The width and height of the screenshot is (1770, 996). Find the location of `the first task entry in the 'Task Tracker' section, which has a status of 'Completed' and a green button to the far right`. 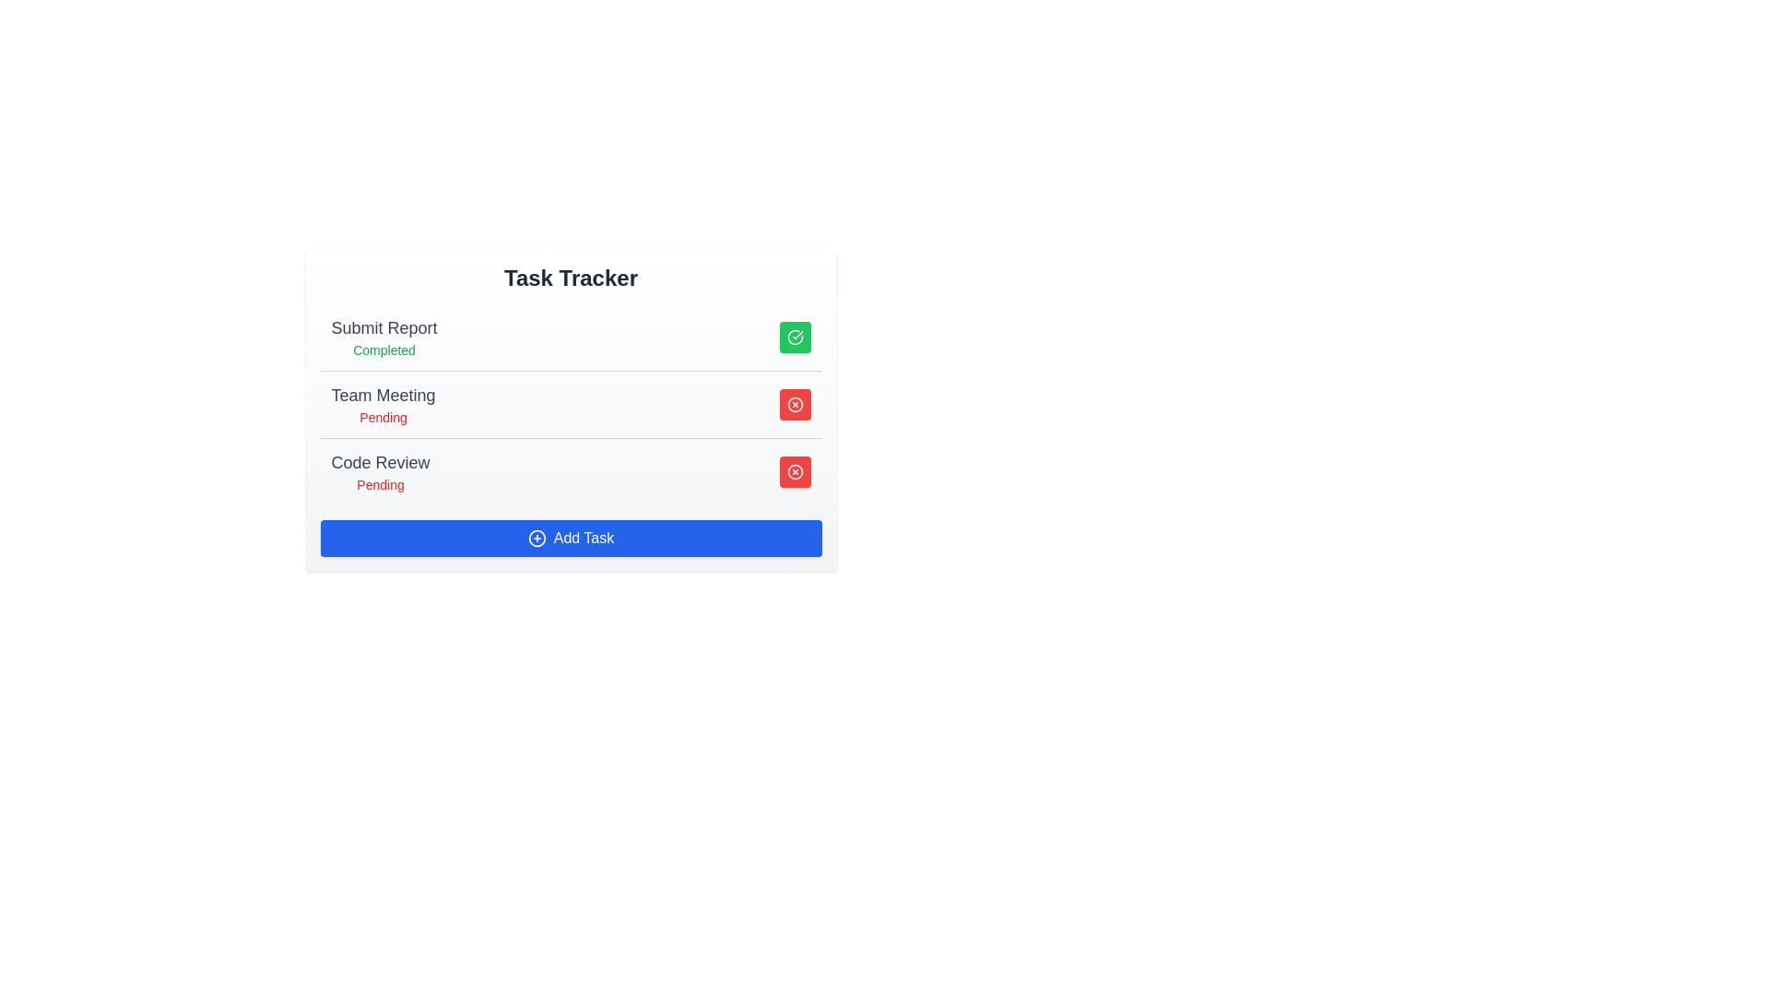

the first task entry in the 'Task Tracker' section, which has a status of 'Completed' and a green button to the far right is located at coordinates (570, 338).